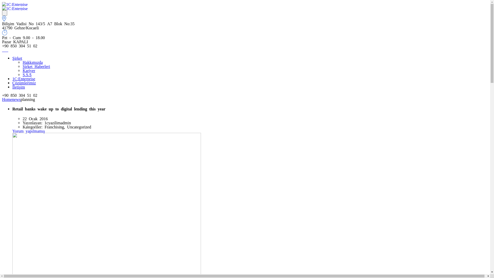 This screenshot has height=278, width=494. Describe the element at coordinates (7, 49) in the screenshot. I see `' '` at that location.